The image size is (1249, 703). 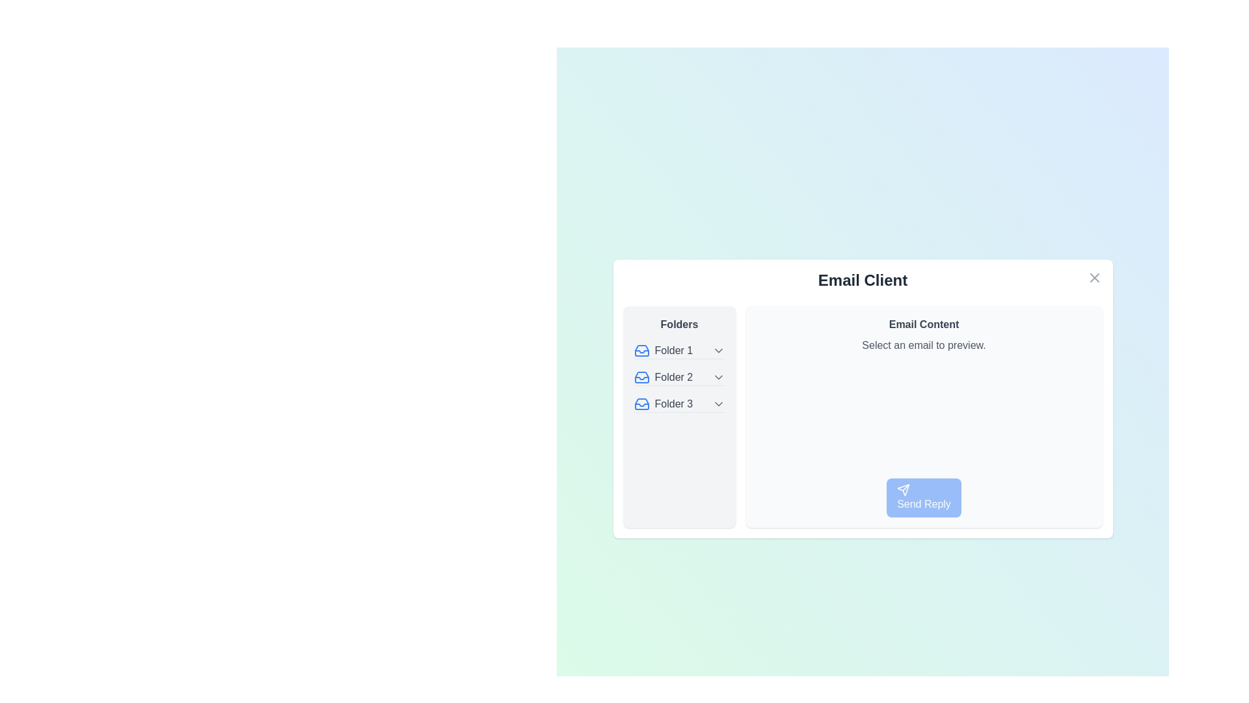 I want to click on the inbox icon outlined in blue, located within the 'Folder 2' item in the sidebar, positioned to the left of the folder name, so click(x=641, y=377).